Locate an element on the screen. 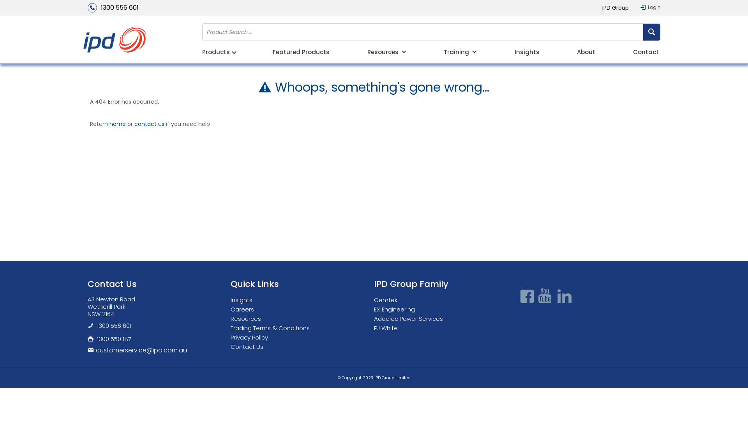 The width and height of the screenshot is (748, 421). 'Gemtek' is located at coordinates (374, 299).